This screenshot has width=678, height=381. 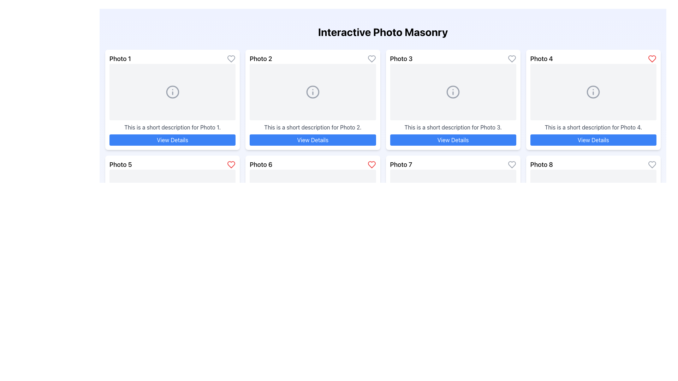 What do you see at coordinates (453, 140) in the screenshot?
I see `the 'View Details' button with a blue background and white text, located at the bottom of the 'Photo 3' card in the interactive photo grid` at bounding box center [453, 140].